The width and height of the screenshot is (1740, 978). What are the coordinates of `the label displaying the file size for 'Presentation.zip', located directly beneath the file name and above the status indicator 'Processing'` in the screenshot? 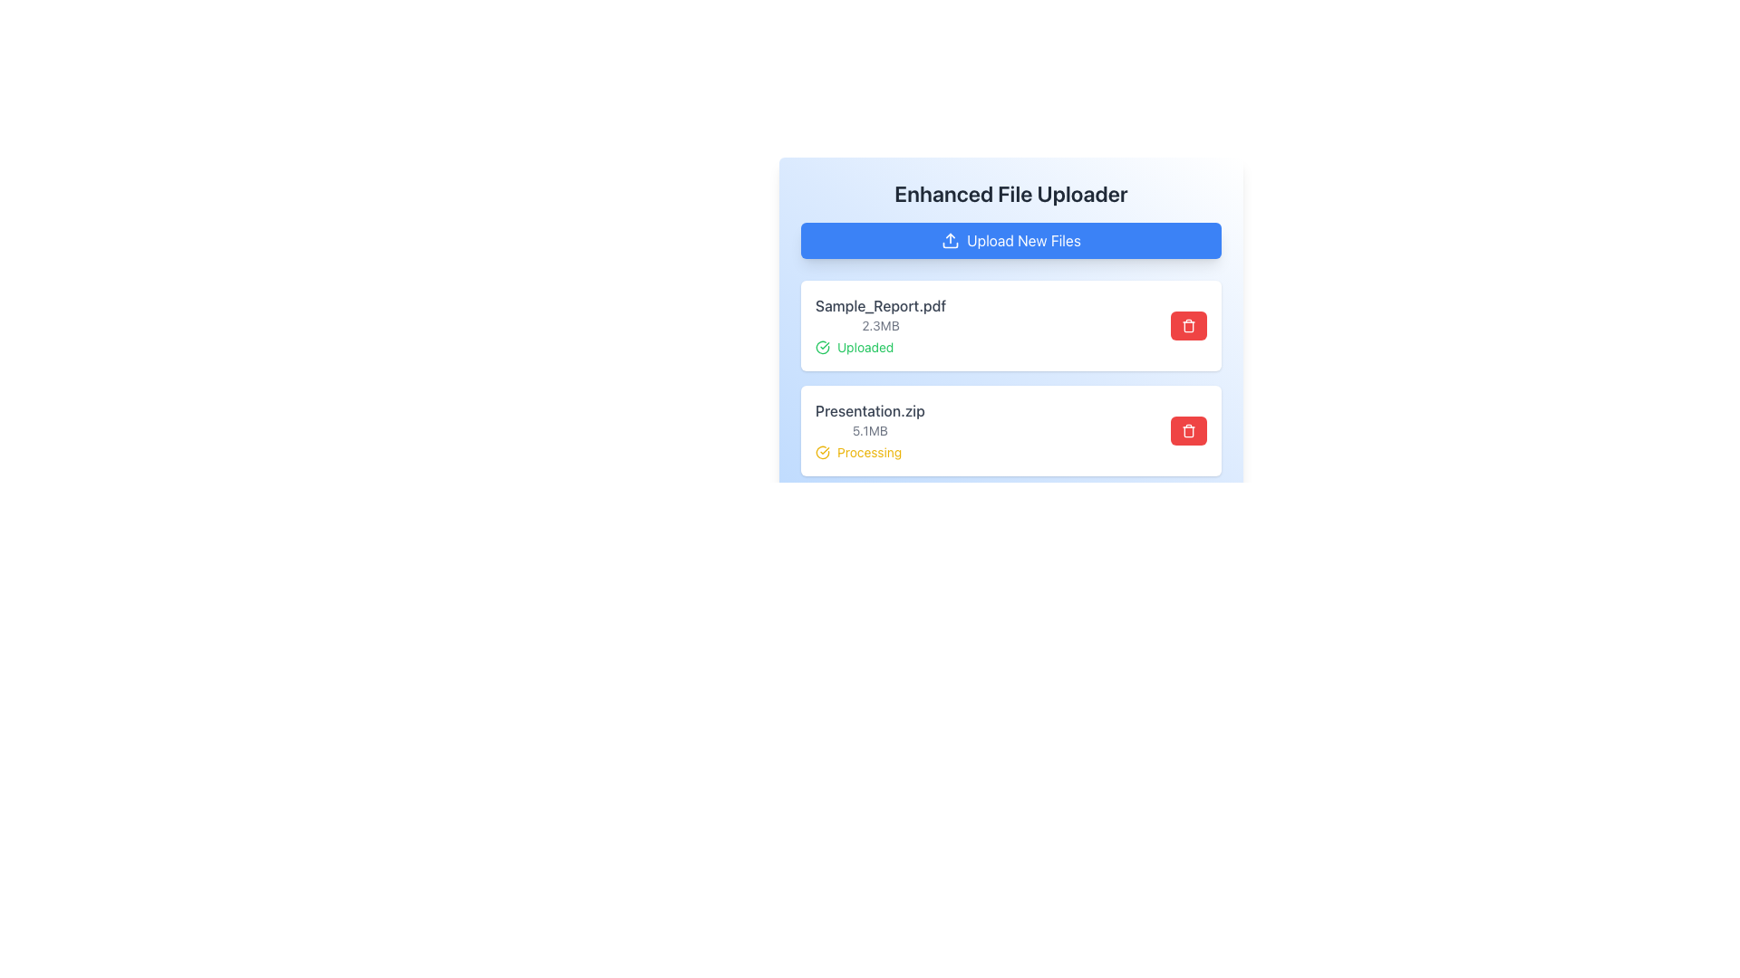 It's located at (870, 430).